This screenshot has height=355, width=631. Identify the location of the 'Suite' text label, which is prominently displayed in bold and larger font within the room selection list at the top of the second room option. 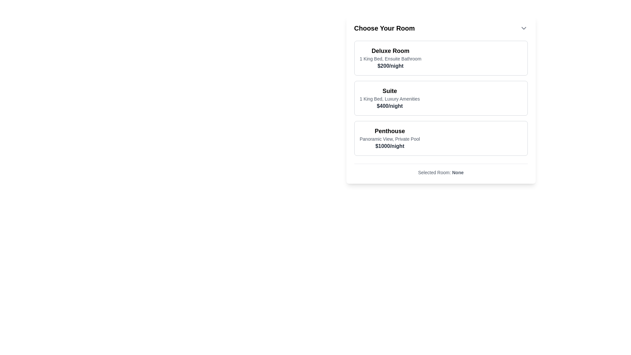
(389, 91).